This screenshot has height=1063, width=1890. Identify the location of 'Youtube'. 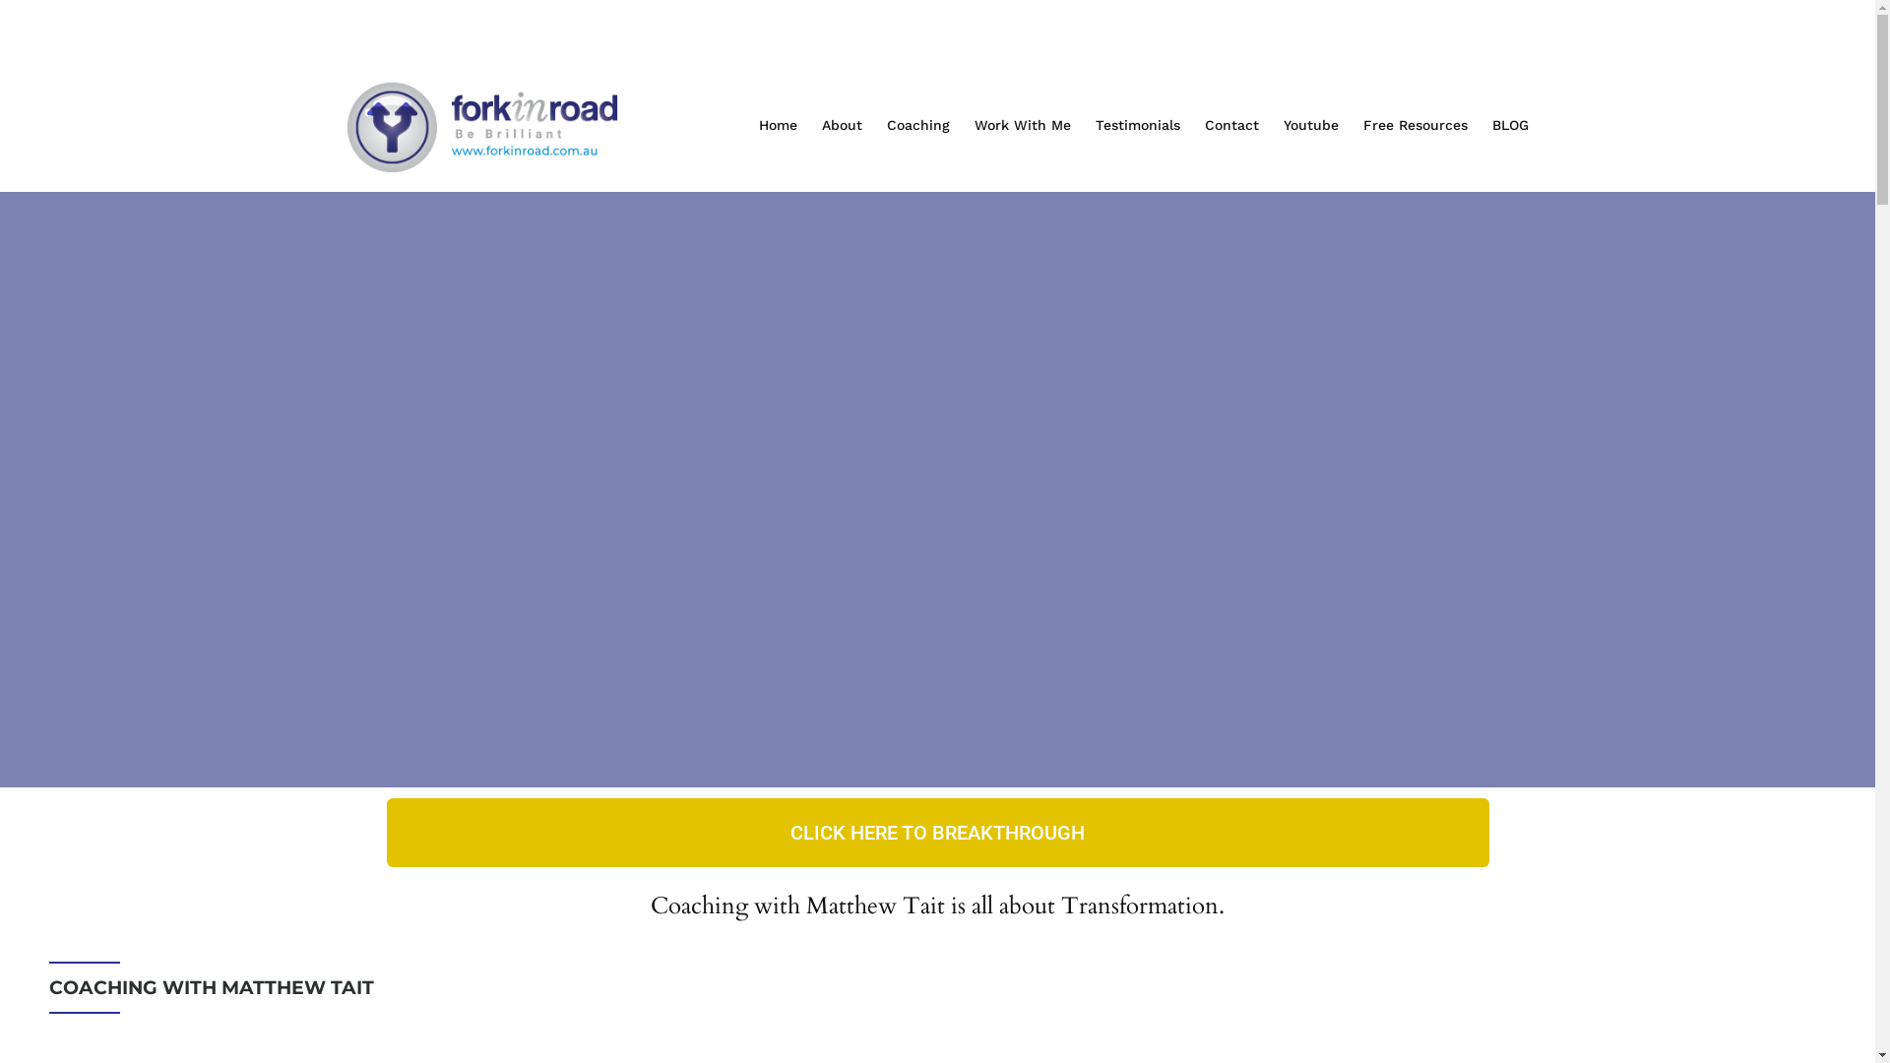
(1321, 125).